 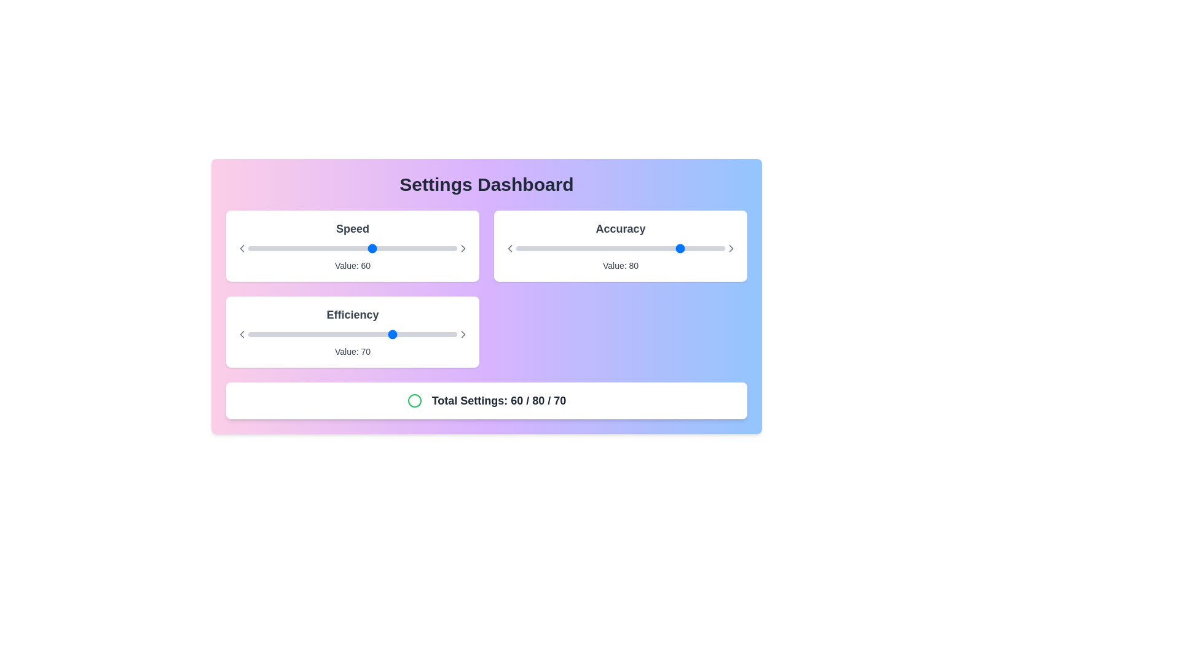 I want to click on the slider, so click(x=262, y=249).